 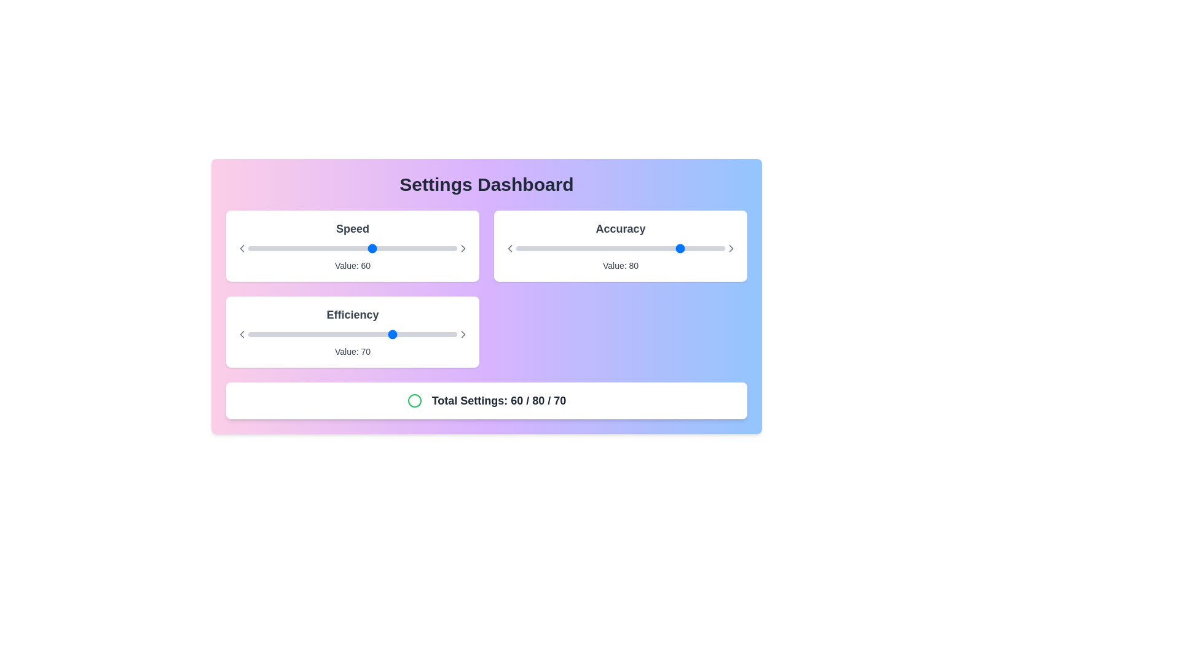 I want to click on the slider, so click(x=262, y=249).